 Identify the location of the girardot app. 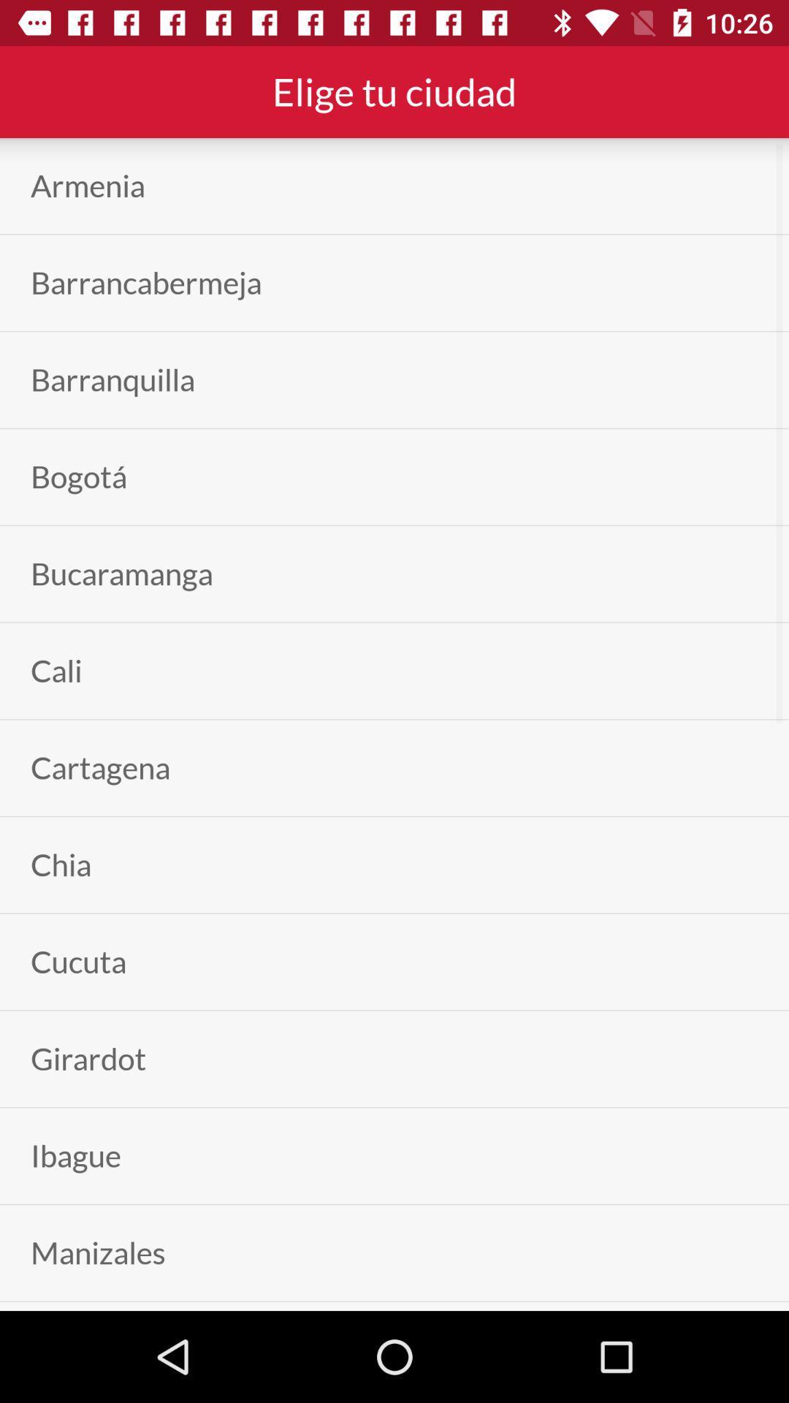
(88, 1059).